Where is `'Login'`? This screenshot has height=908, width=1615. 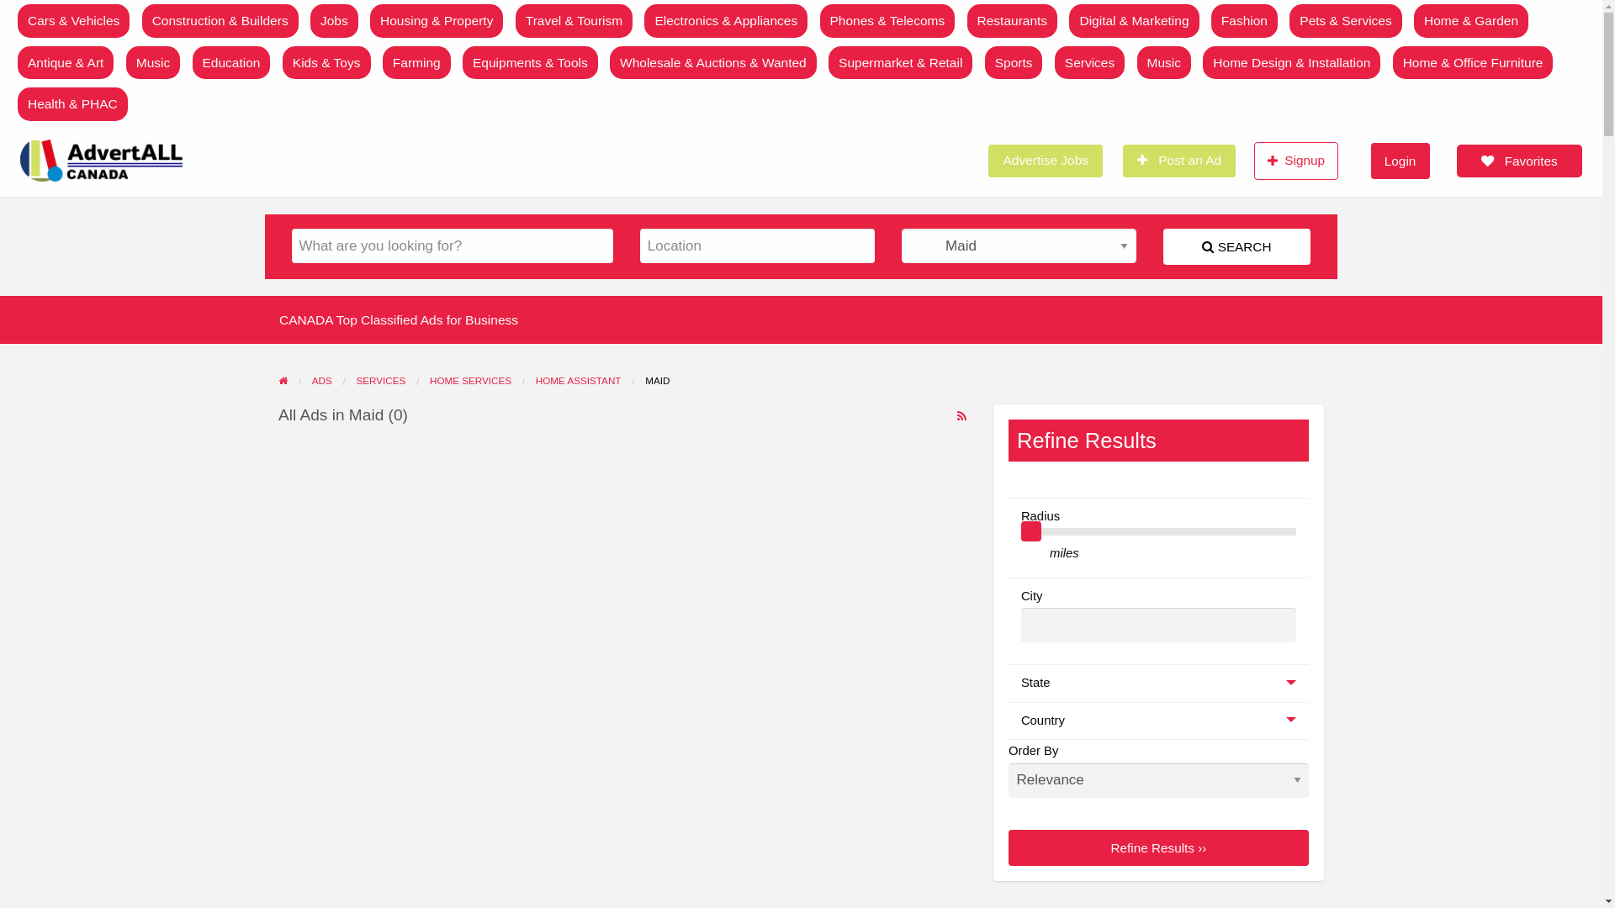
'Login' is located at coordinates (1401, 161).